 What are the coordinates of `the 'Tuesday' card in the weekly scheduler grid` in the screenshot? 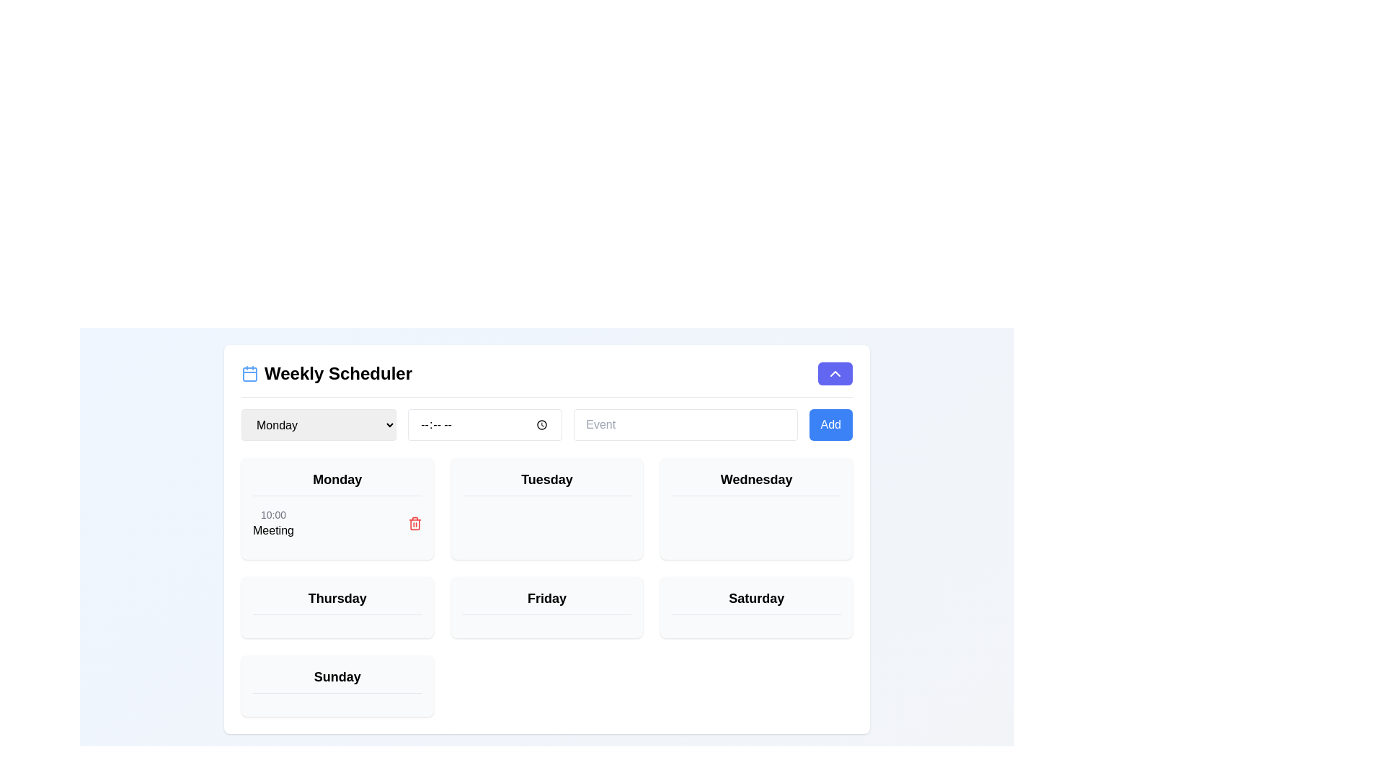 It's located at (546, 508).